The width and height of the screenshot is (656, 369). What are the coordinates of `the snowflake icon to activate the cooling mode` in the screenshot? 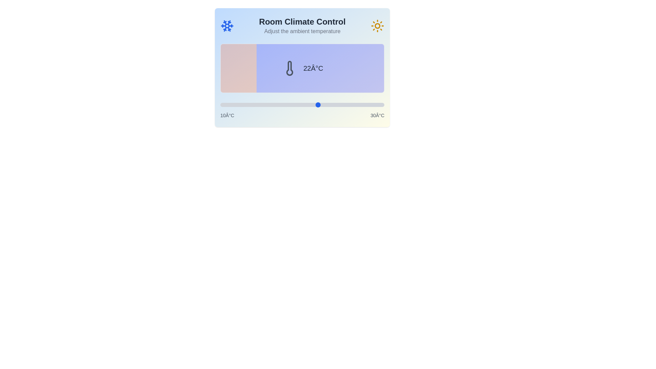 It's located at (227, 26).